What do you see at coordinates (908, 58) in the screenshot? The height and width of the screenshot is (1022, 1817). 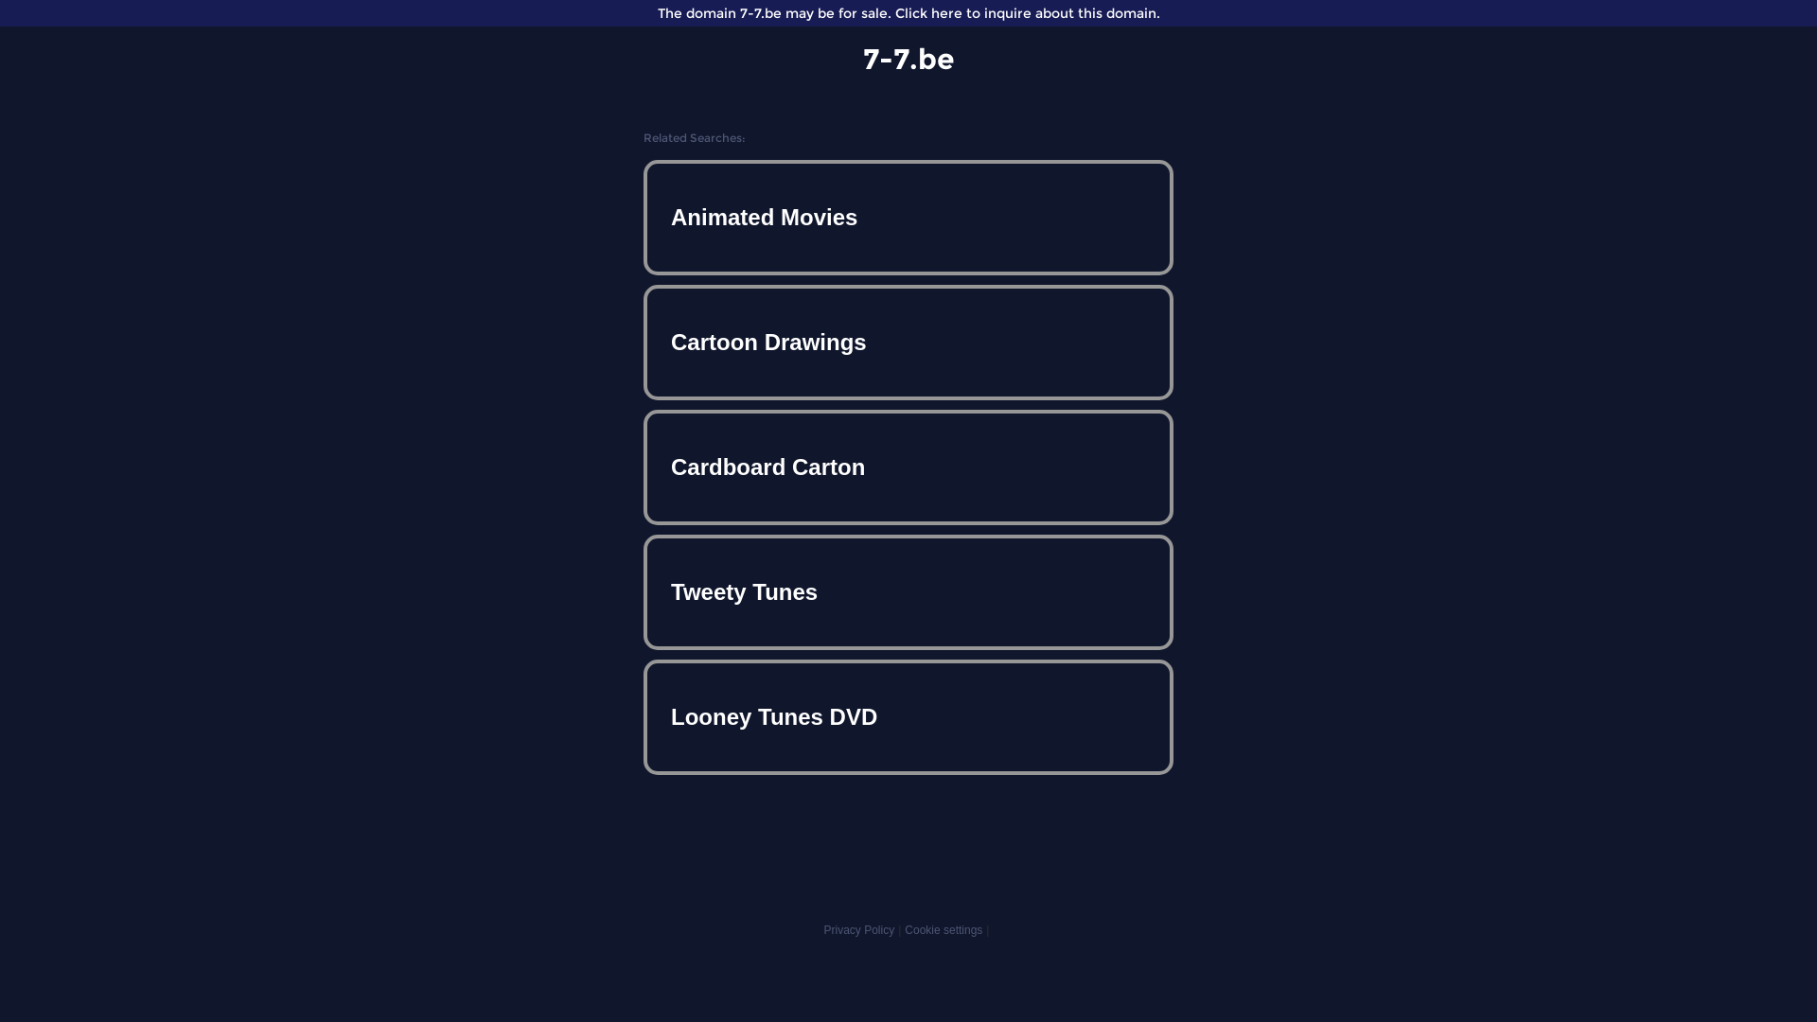 I see `'7-7.be'` at bounding box center [908, 58].